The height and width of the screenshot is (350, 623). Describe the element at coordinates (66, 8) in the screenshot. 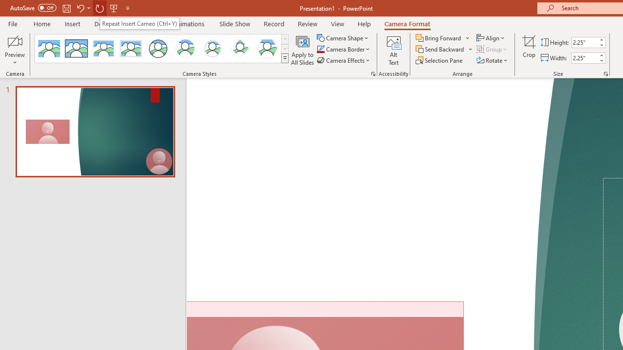

I see `'Save'` at that location.